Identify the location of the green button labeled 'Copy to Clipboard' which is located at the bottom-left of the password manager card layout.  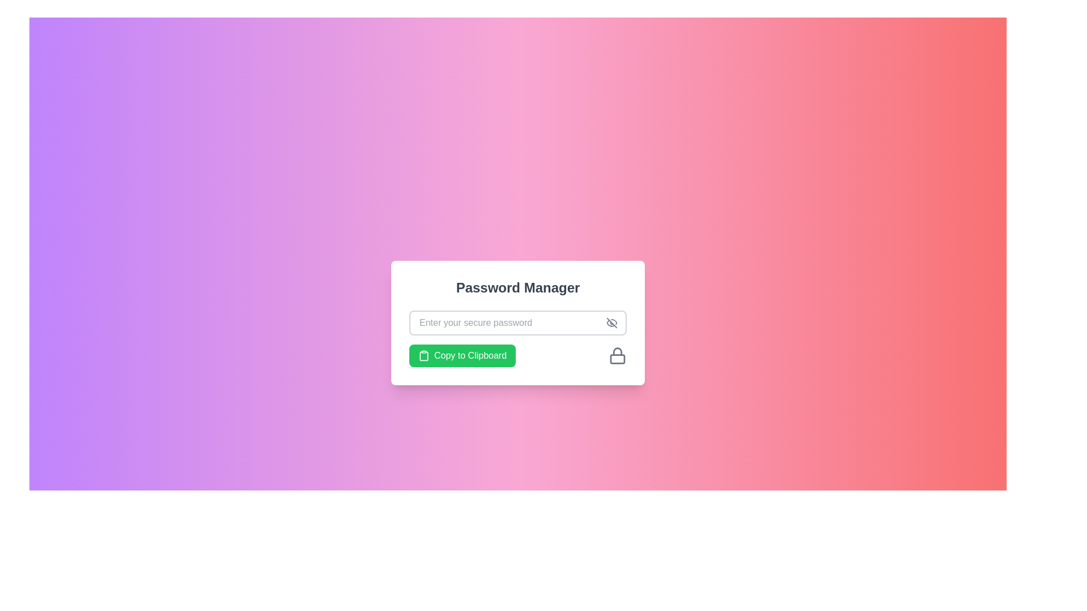
(470, 355).